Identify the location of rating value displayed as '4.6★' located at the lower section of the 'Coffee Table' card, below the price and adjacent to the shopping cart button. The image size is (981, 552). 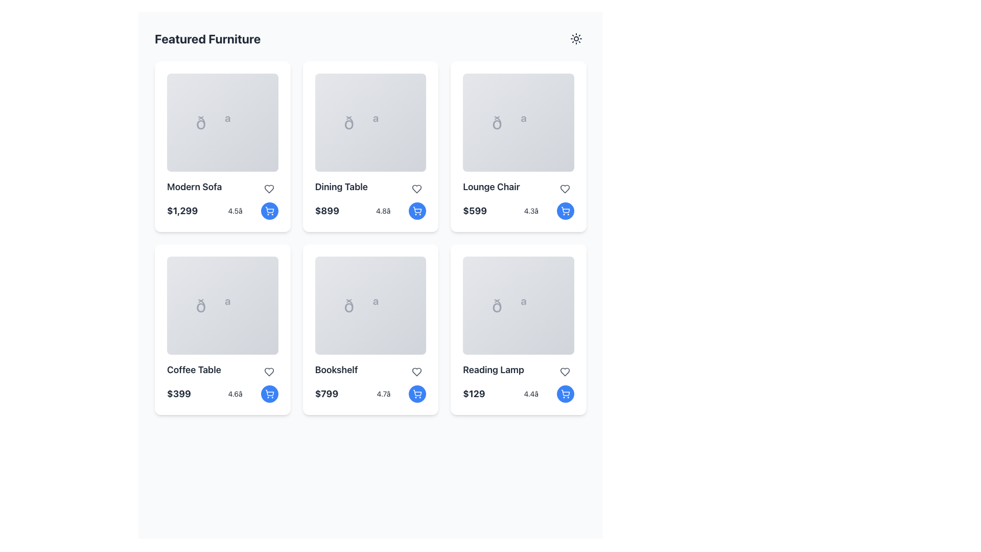
(242, 394).